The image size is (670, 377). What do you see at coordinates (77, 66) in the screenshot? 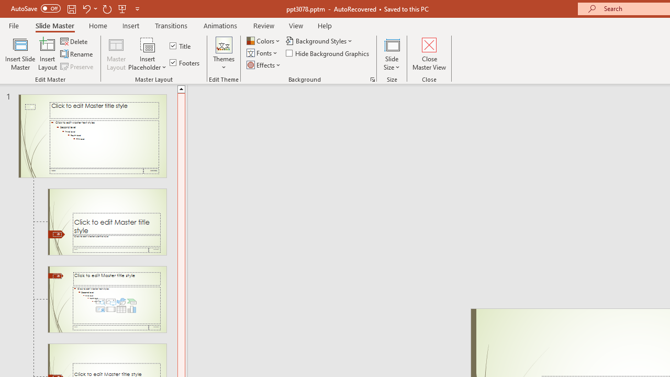
I see `'Preserve'` at bounding box center [77, 66].